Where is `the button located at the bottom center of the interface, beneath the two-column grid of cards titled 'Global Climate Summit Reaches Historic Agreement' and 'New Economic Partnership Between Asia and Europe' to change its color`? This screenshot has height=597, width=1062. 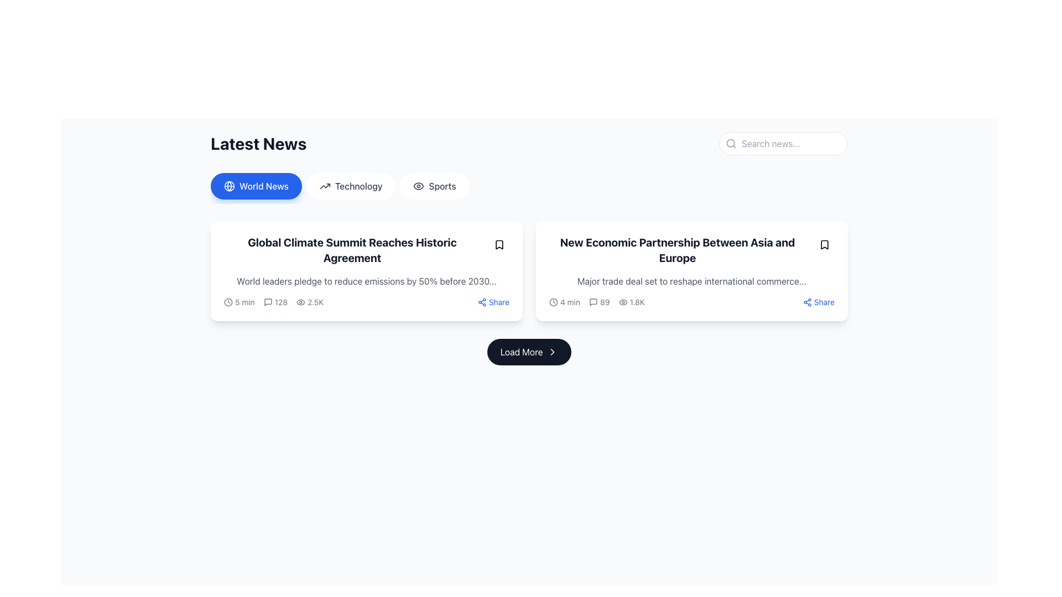
the button located at the bottom center of the interface, beneath the two-column grid of cards titled 'Global Climate Summit Reaches Historic Agreement' and 'New Economic Partnership Between Asia and Europe' to change its color is located at coordinates (528, 352).